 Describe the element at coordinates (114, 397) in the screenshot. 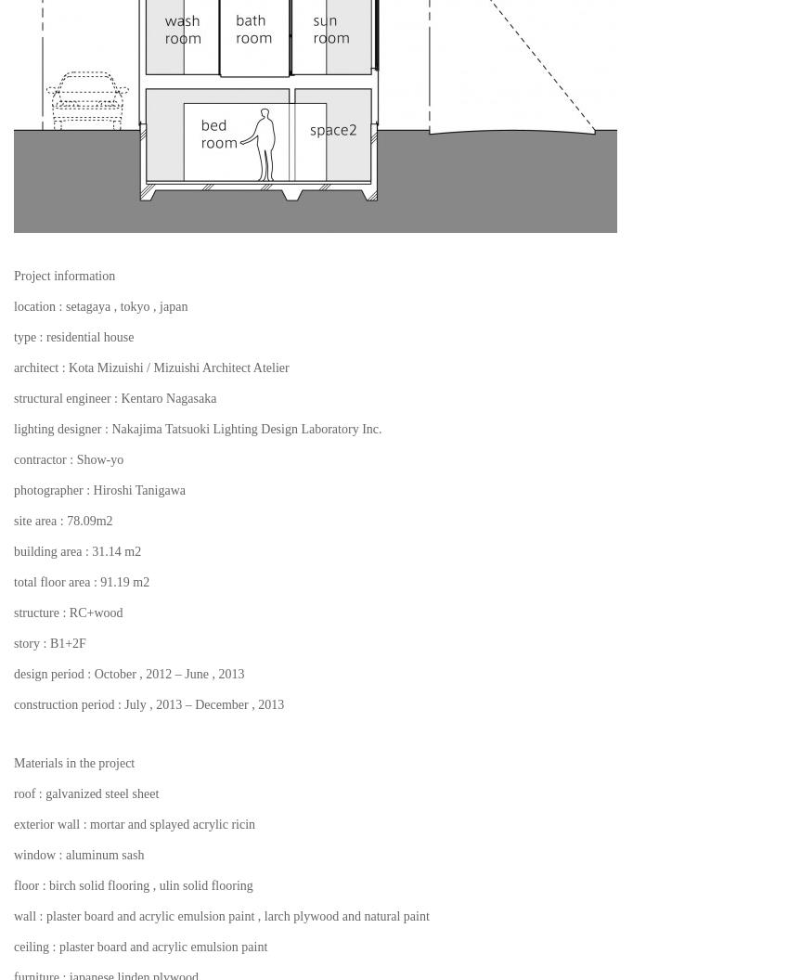

I see `'structural engineer : Kentaro Nagasaka'` at that location.